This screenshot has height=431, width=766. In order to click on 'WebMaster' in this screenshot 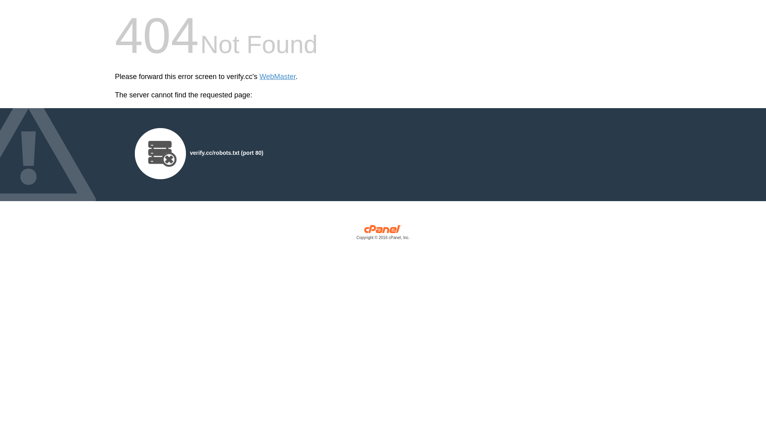, I will do `click(277, 77)`.